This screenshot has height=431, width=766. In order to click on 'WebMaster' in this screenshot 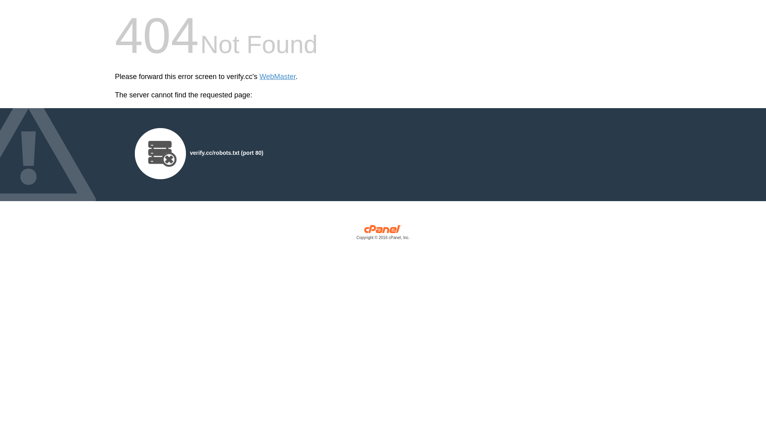, I will do `click(277, 77)`.